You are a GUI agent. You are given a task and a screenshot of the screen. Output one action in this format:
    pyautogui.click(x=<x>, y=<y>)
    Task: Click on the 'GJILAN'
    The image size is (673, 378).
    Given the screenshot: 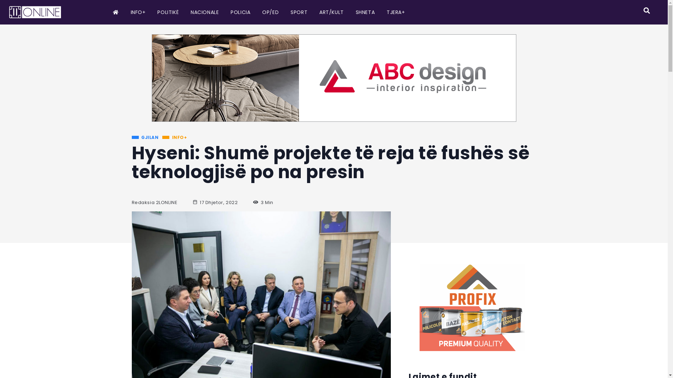 What is the action you would take?
    pyautogui.click(x=145, y=138)
    